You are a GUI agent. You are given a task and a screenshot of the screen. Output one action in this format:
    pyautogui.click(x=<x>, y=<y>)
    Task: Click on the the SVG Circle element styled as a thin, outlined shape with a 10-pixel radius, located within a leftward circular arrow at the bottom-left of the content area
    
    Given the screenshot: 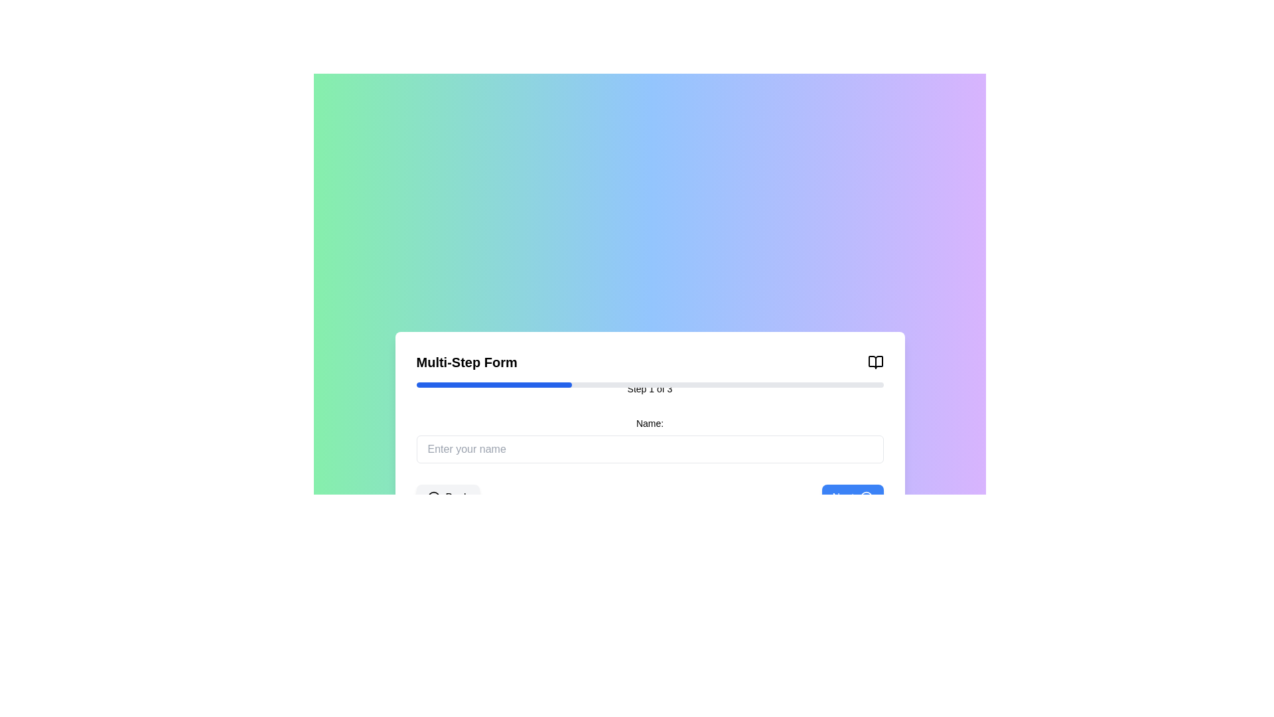 What is the action you would take?
    pyautogui.click(x=433, y=497)
    